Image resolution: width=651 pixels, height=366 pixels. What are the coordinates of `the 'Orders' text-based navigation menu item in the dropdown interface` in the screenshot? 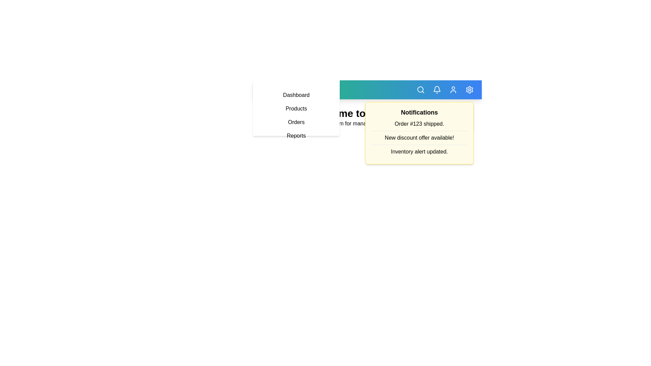 It's located at (296, 122).